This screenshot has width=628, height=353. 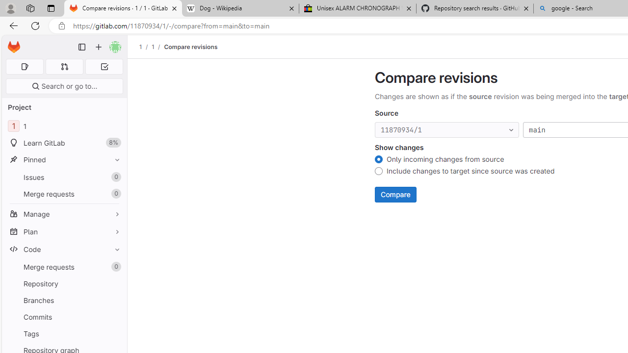 I want to click on 'Create new...', so click(x=99, y=47).